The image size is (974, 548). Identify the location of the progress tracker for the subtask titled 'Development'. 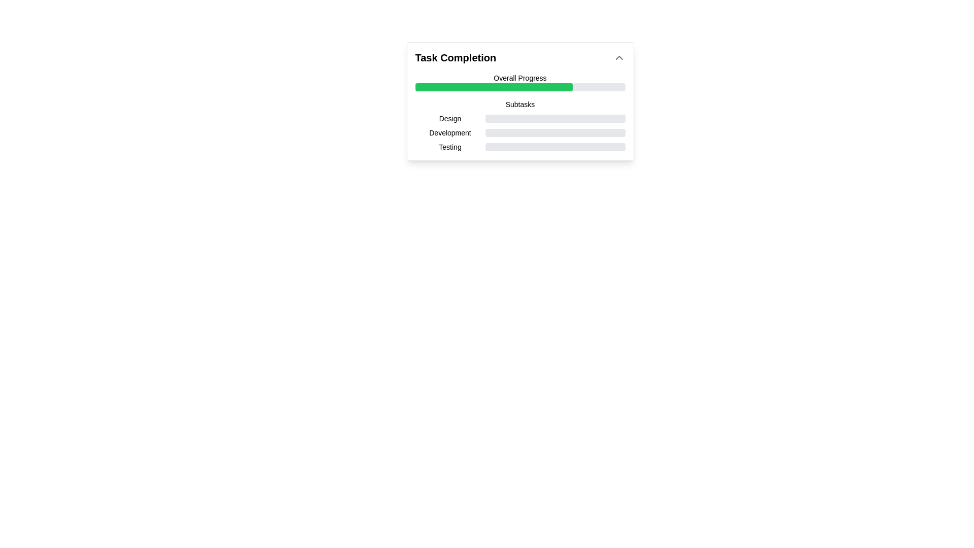
(520, 132).